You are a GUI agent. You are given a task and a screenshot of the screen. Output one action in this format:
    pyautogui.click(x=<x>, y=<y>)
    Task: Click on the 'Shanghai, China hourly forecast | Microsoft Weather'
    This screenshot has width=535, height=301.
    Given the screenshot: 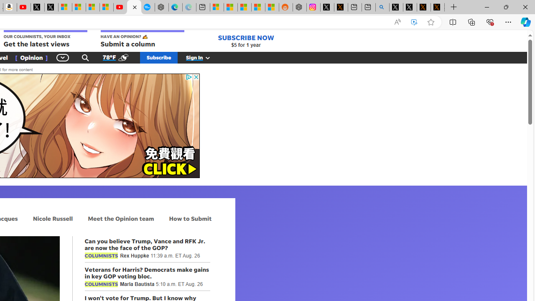 What is the action you would take?
    pyautogui.click(x=244, y=7)
    